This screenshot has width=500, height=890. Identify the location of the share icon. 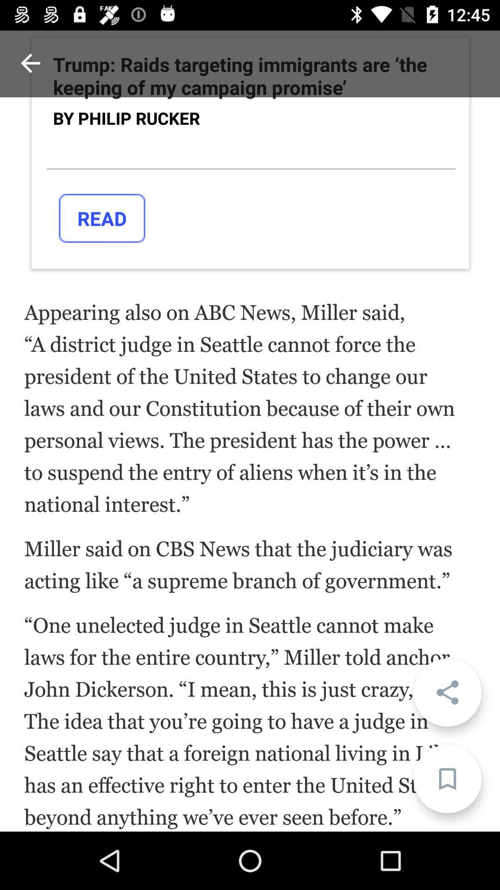
(447, 692).